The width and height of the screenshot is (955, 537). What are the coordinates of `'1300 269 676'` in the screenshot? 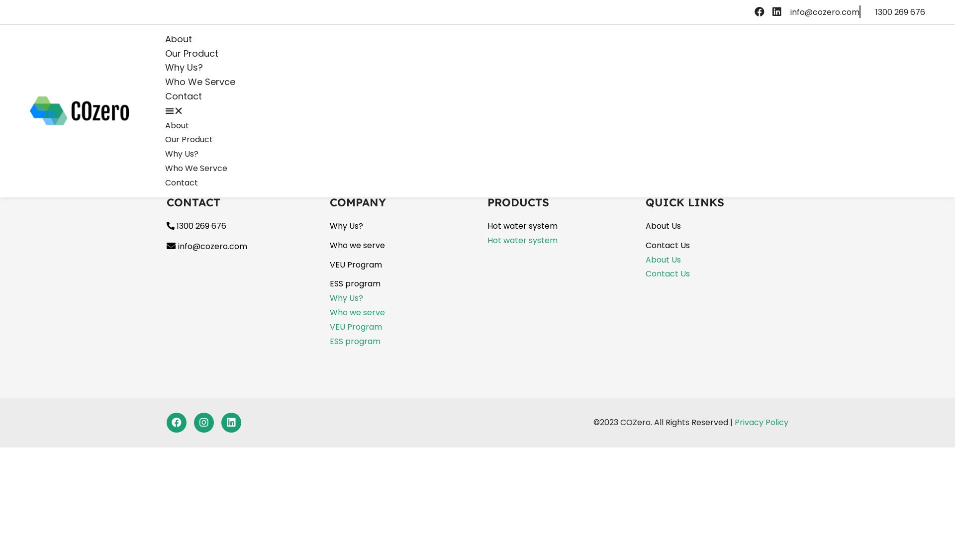 It's located at (196, 226).